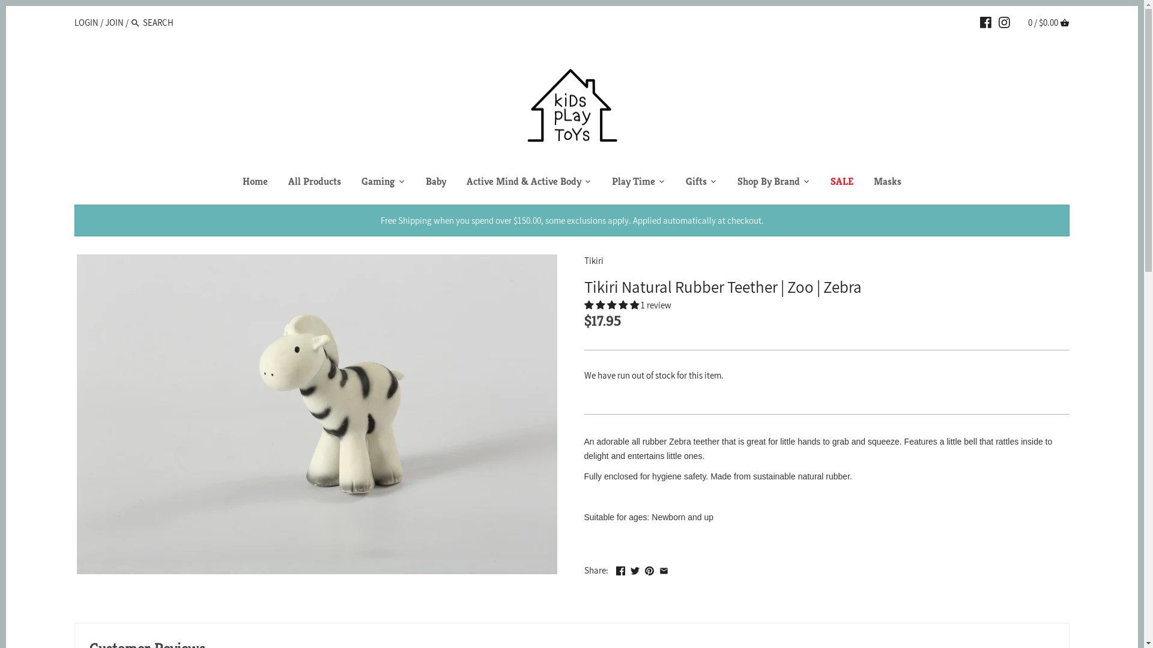 This screenshot has width=1153, height=648. What do you see at coordinates (769, 182) in the screenshot?
I see `'Shop By Brand'` at bounding box center [769, 182].